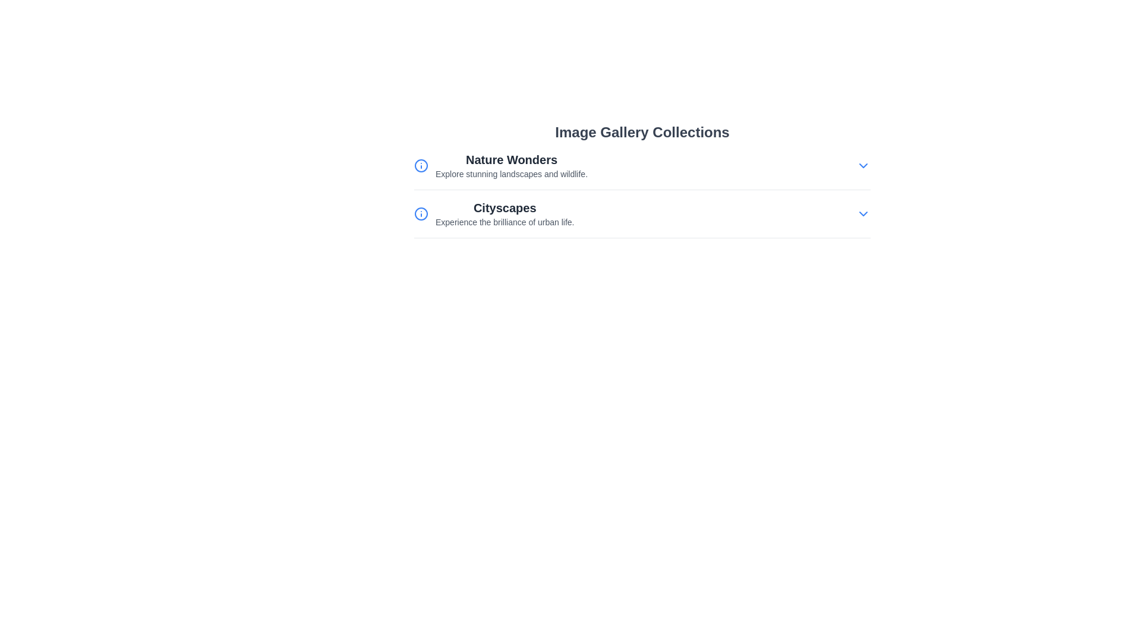 The height and width of the screenshot is (642, 1141). I want to click on the 'Cityscapes' text option in the gallery menu to check for interactivity, so click(505, 213).